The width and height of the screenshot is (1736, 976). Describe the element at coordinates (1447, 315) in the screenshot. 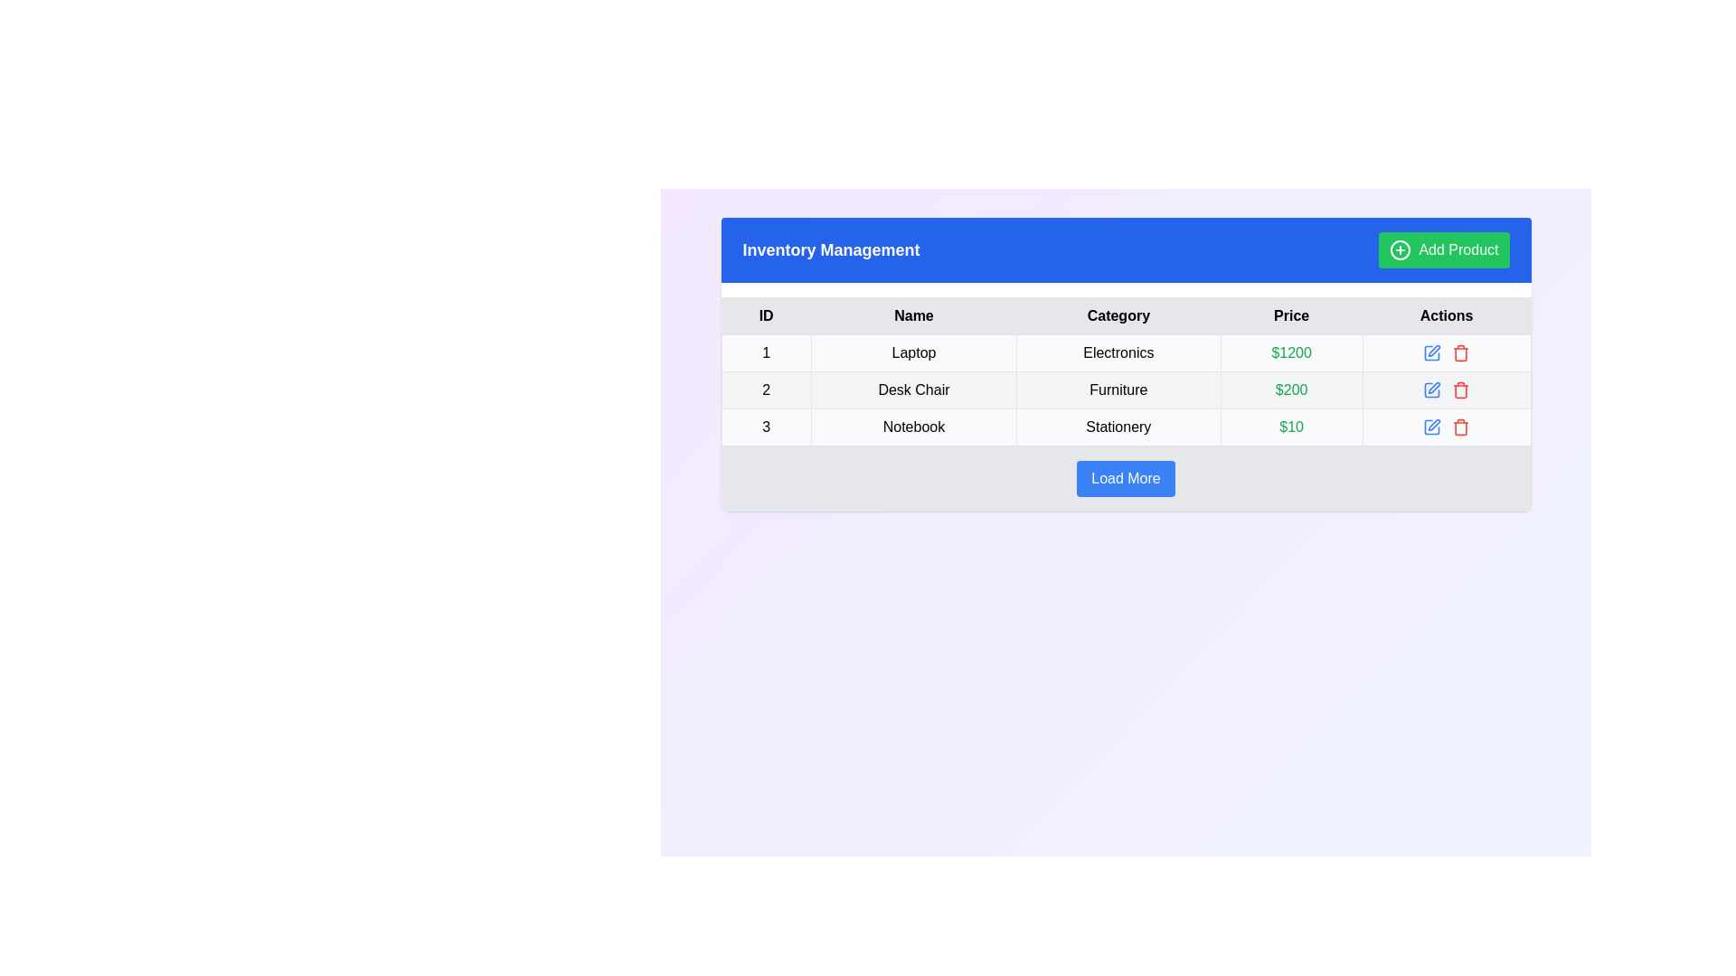

I see `the fifth column header cell in the table, which signifies action-related controls for each row` at that location.